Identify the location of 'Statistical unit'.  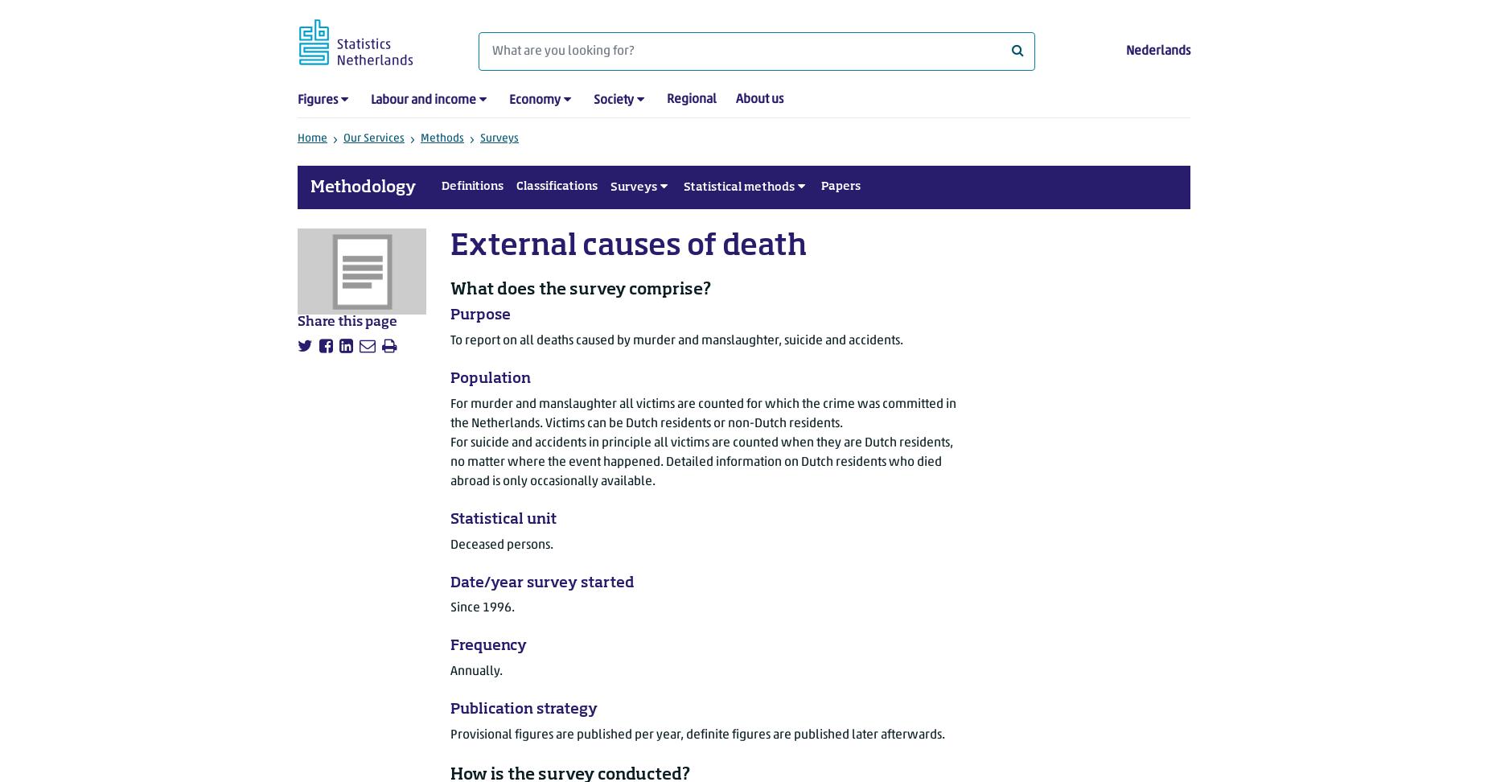
(504, 519).